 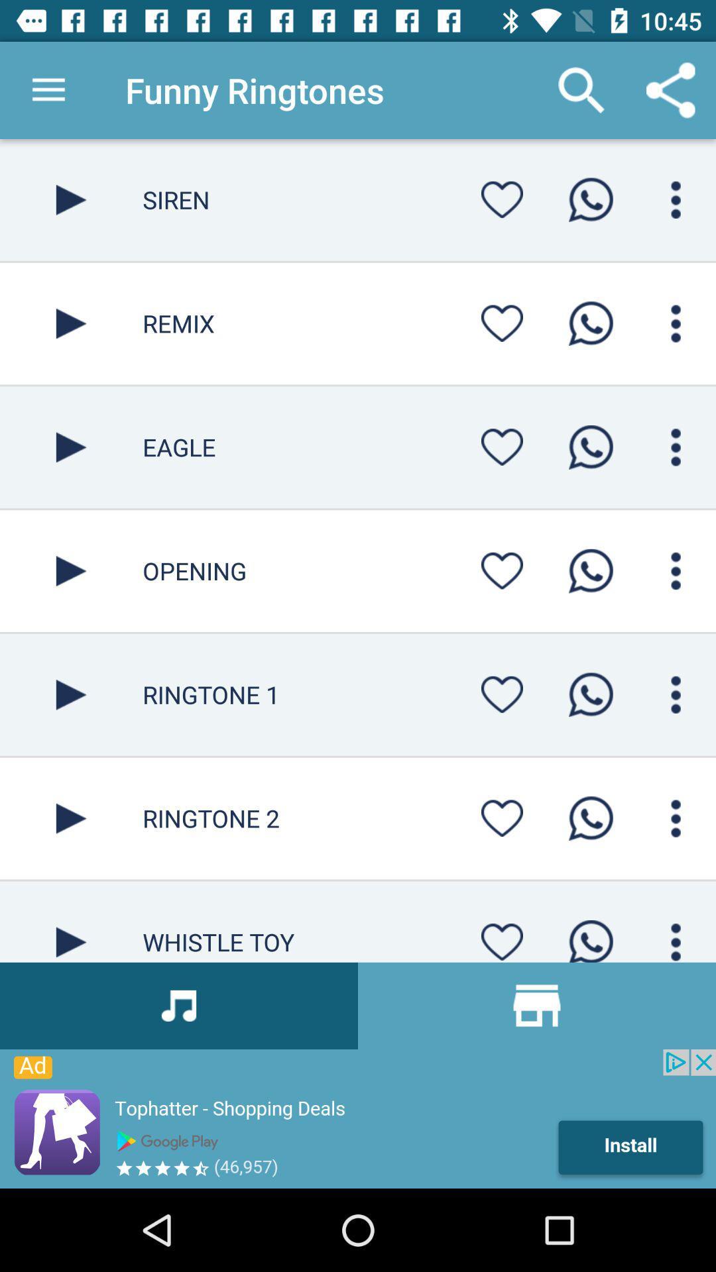 I want to click on click for opening, so click(x=676, y=571).